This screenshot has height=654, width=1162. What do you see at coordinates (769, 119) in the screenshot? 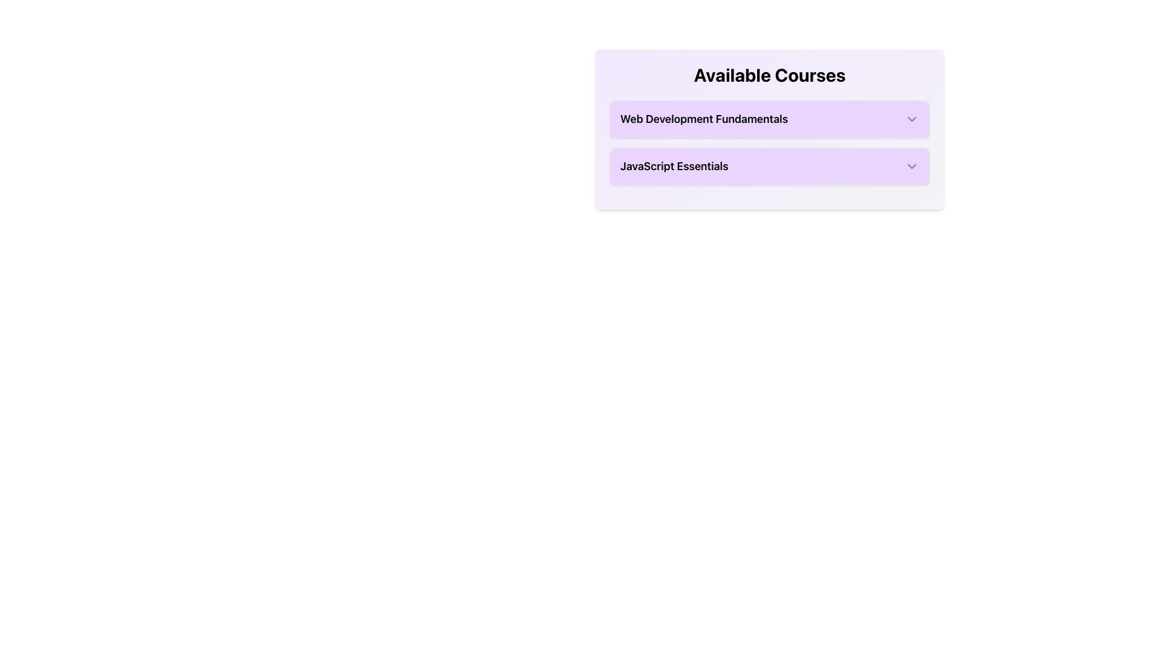
I see `the collapsible list item header labeled 'Web Development Fundamentals' located in the 'Available Courses' section` at bounding box center [769, 119].